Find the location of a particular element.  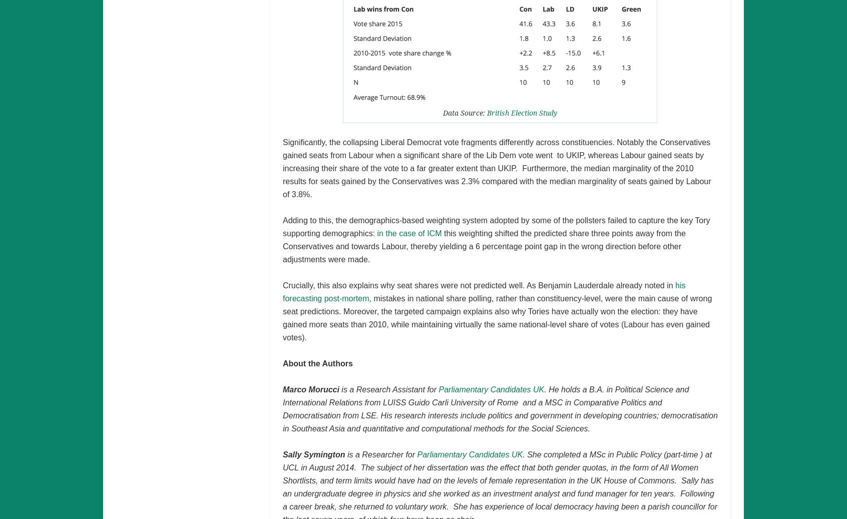

'. He' is located at coordinates (544, 389).